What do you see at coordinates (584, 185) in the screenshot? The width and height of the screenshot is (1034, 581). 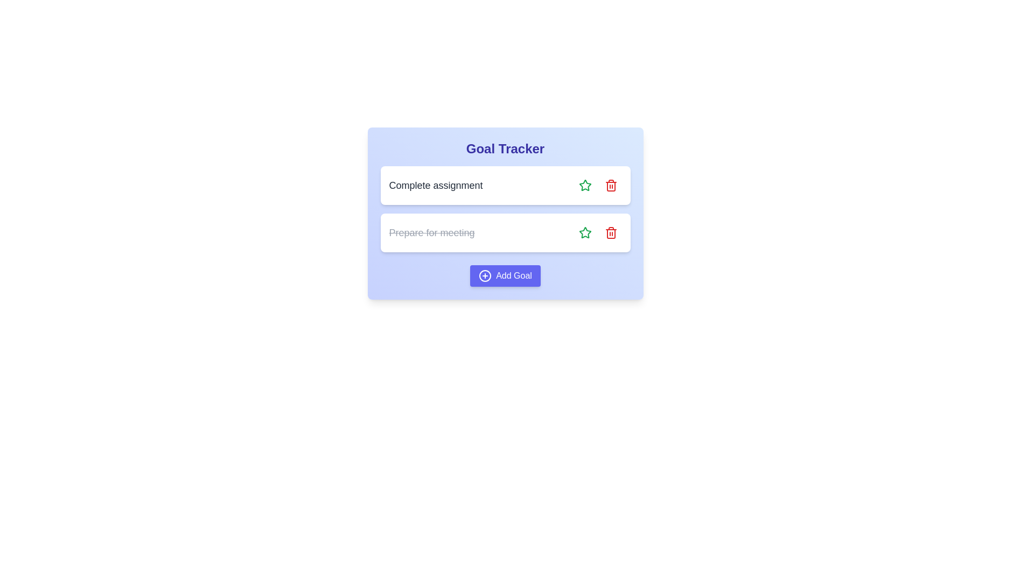 I see `the star icon in the button group that marks the second task entry` at bounding box center [584, 185].